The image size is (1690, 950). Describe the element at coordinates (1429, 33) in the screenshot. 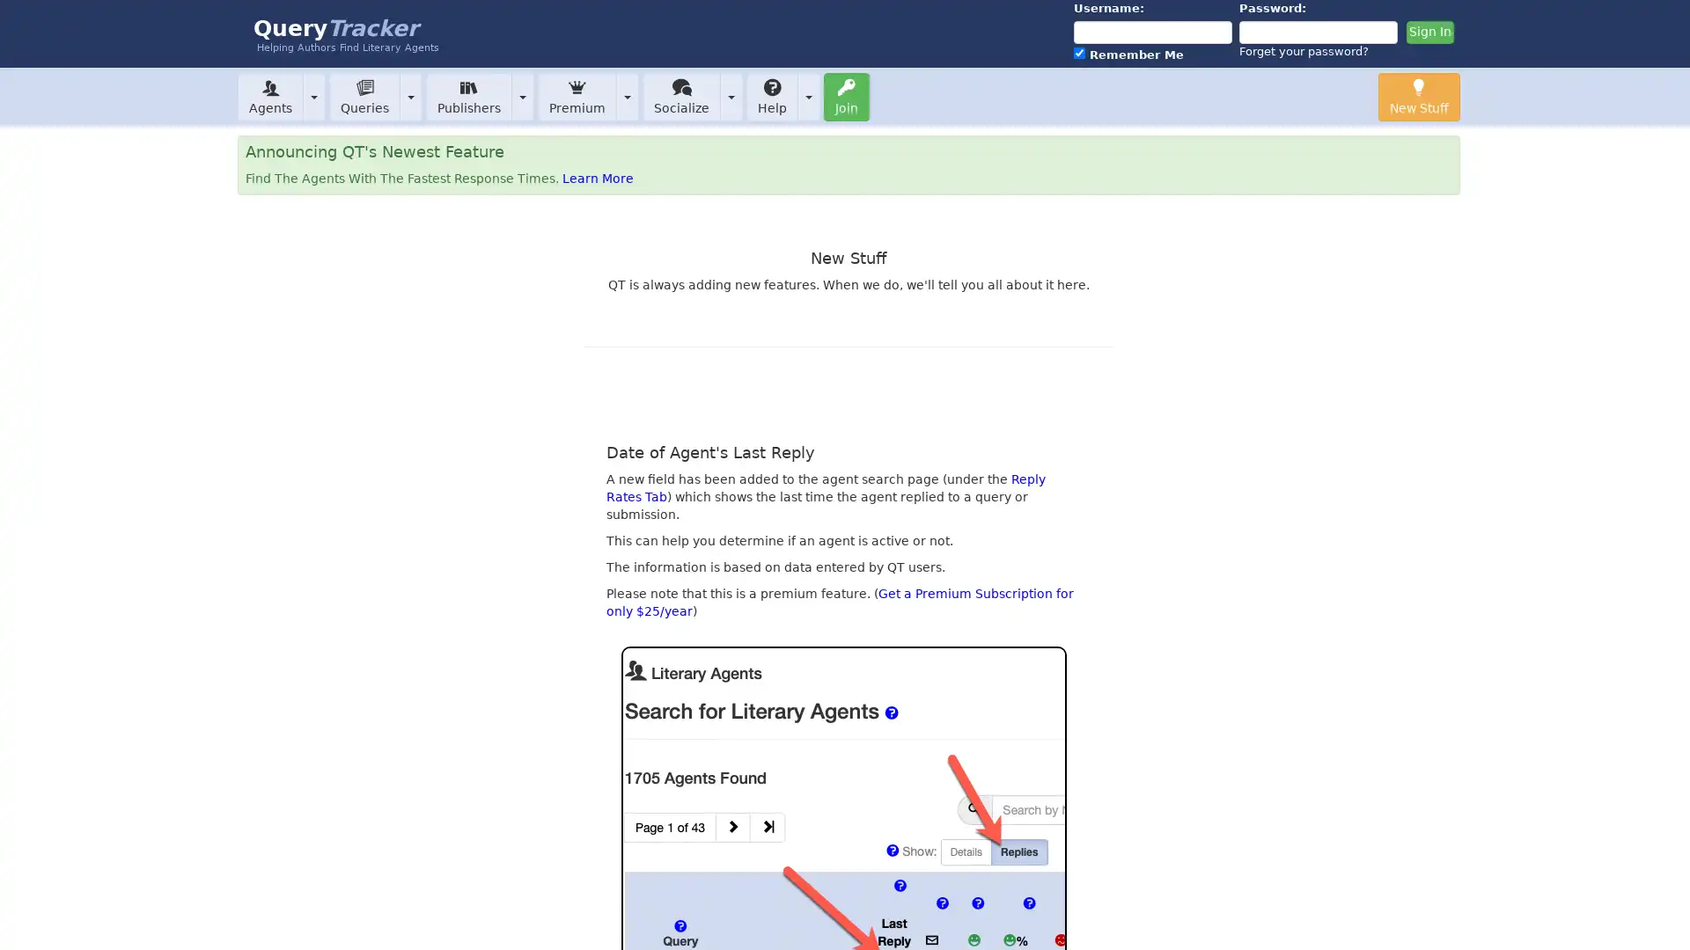

I see `Sign In` at that location.